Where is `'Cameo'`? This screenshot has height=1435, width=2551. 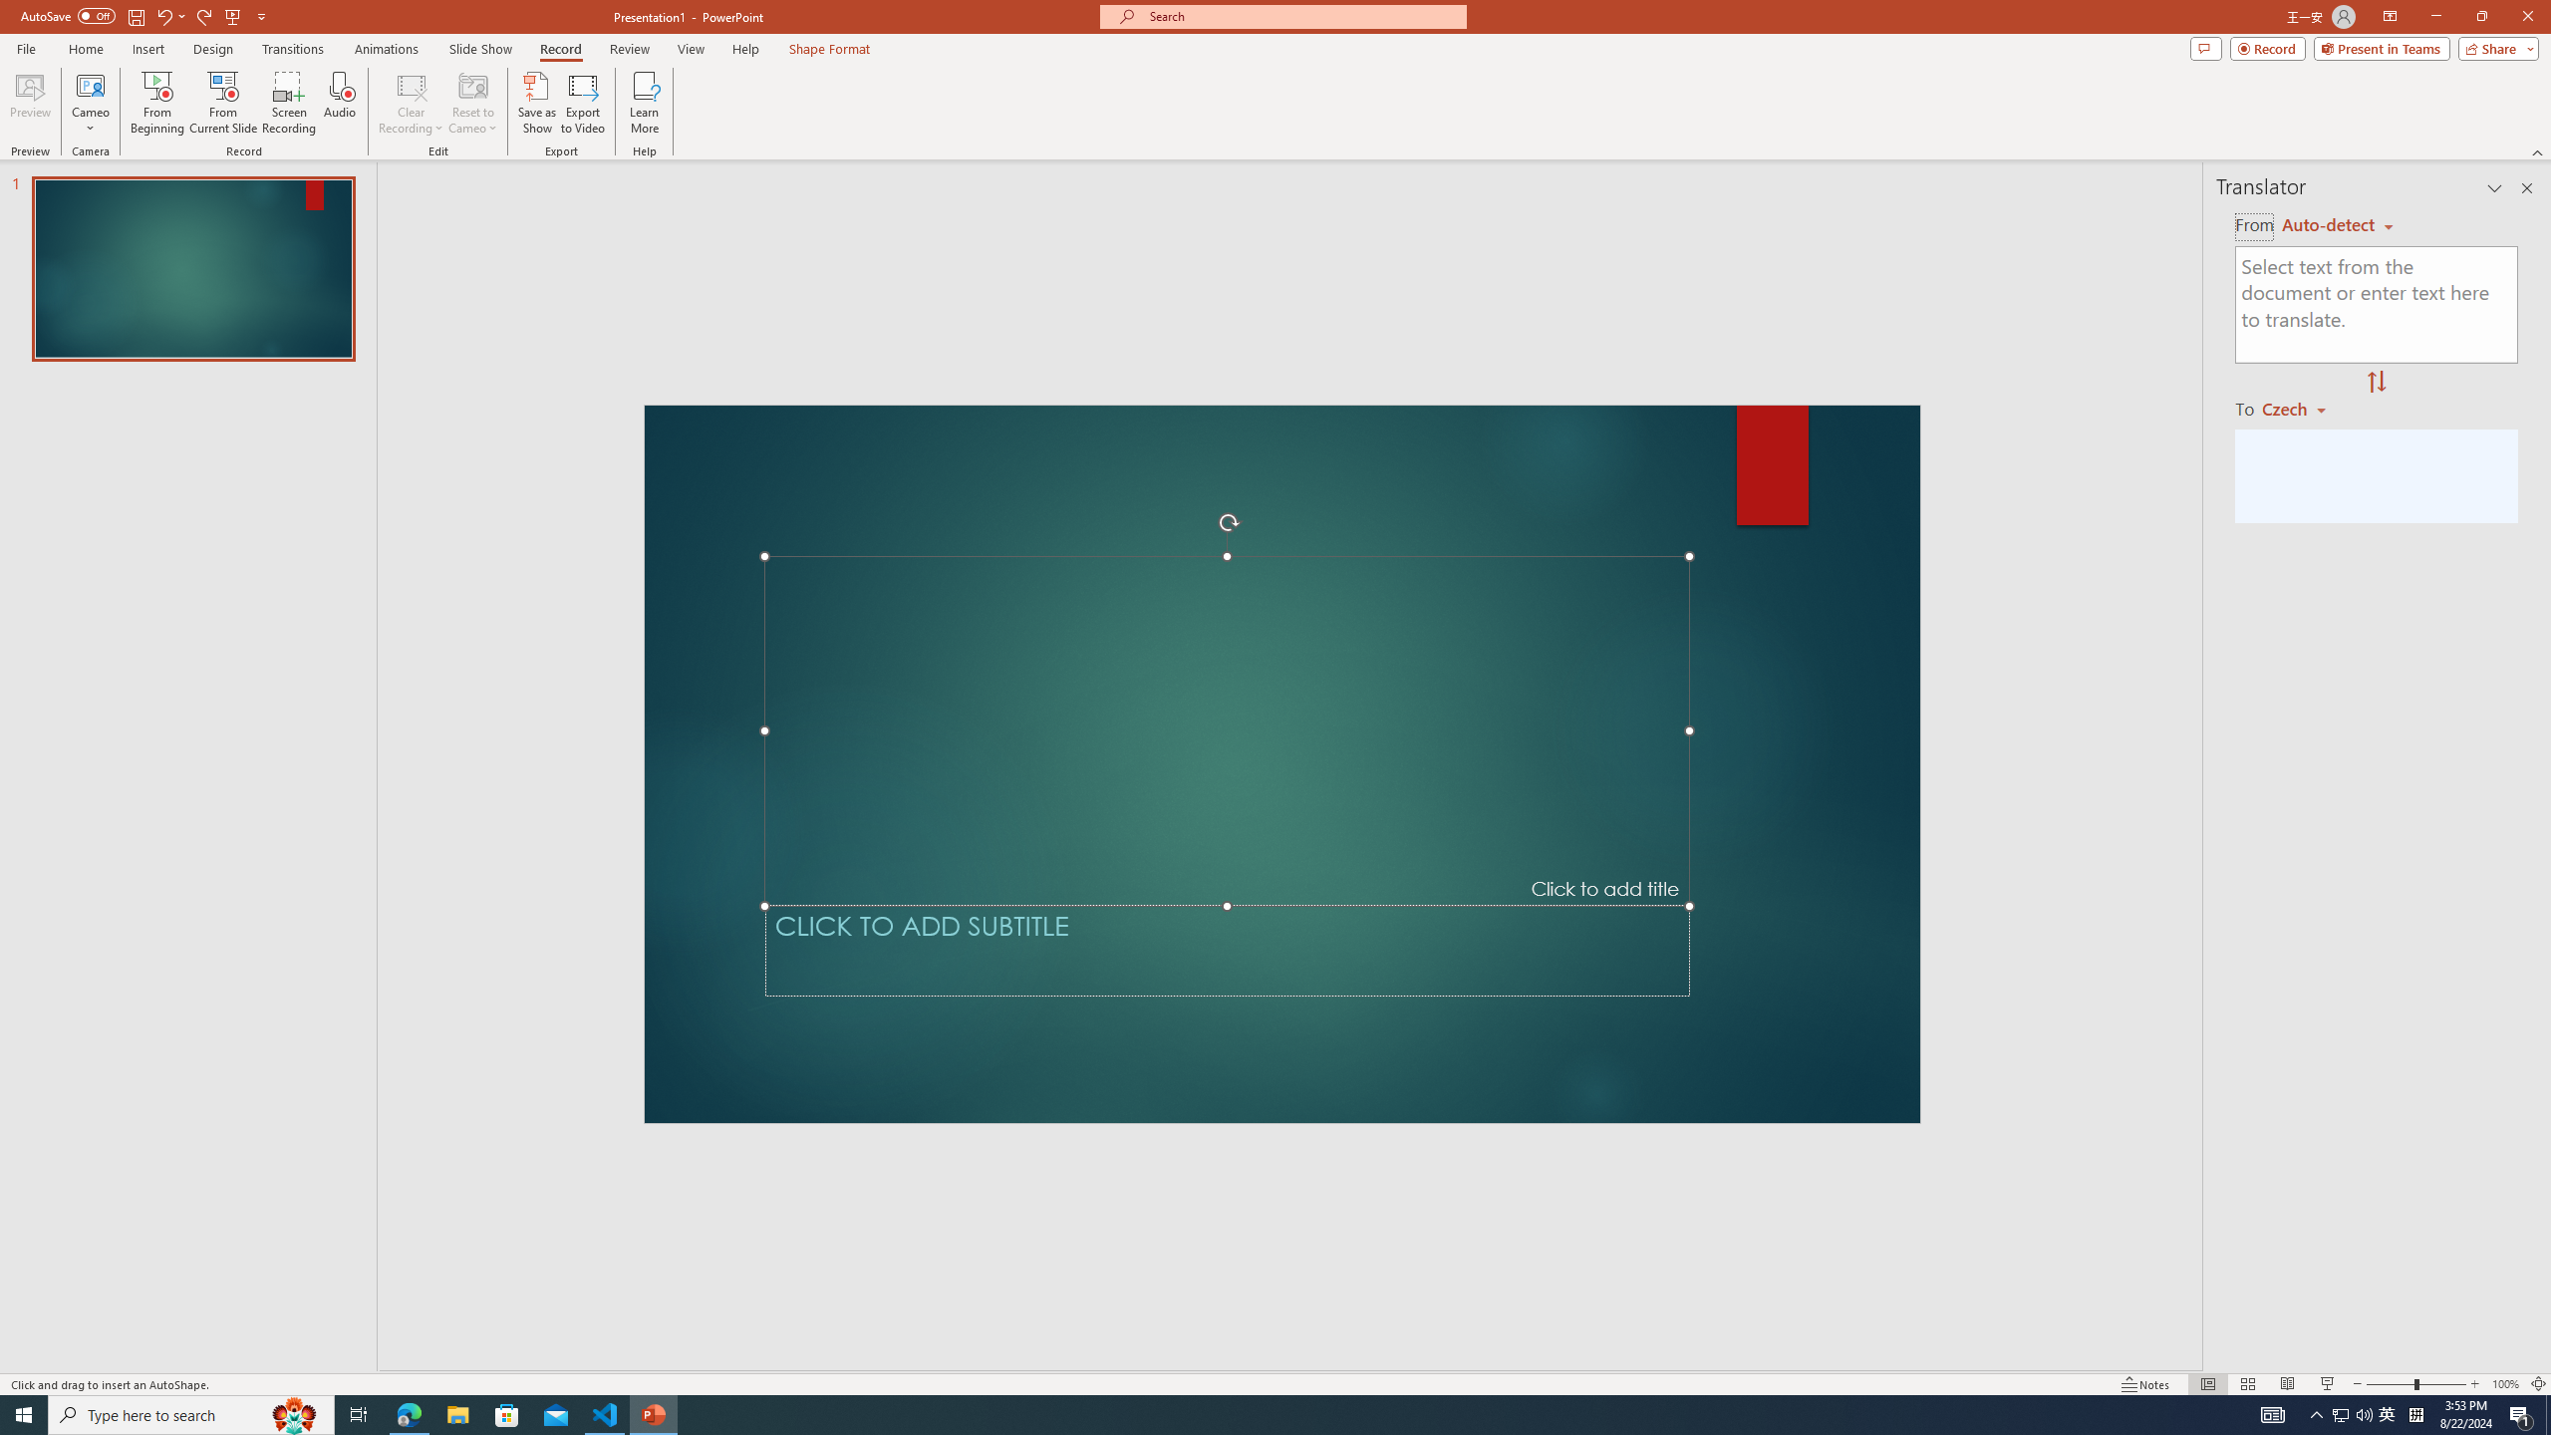
'Cameo' is located at coordinates (89, 84).